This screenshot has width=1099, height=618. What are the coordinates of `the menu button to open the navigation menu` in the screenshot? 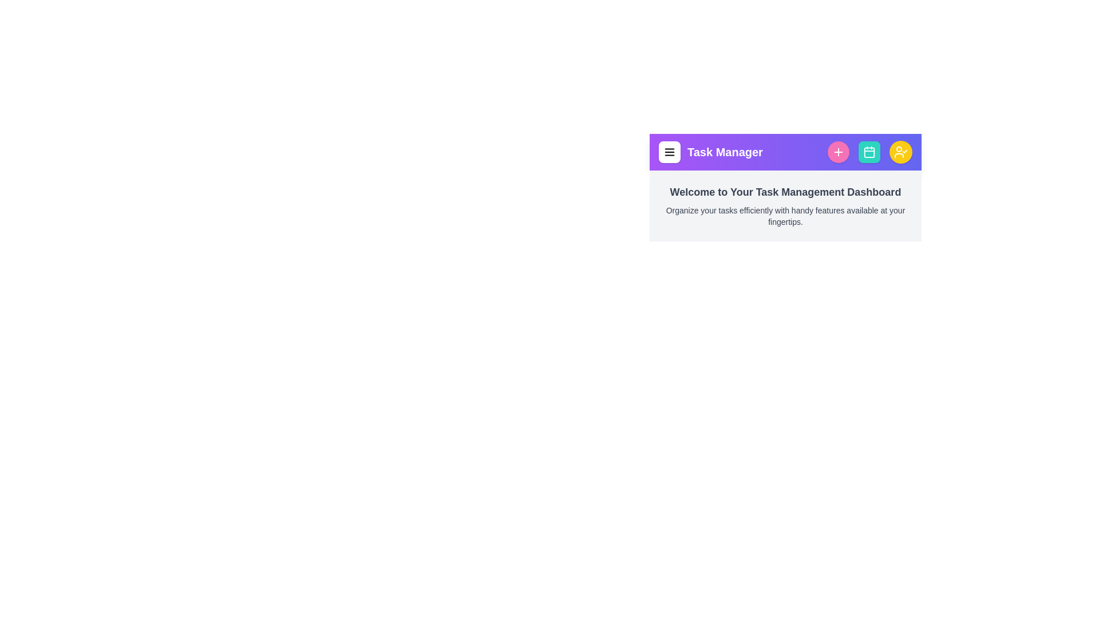 It's located at (670, 152).